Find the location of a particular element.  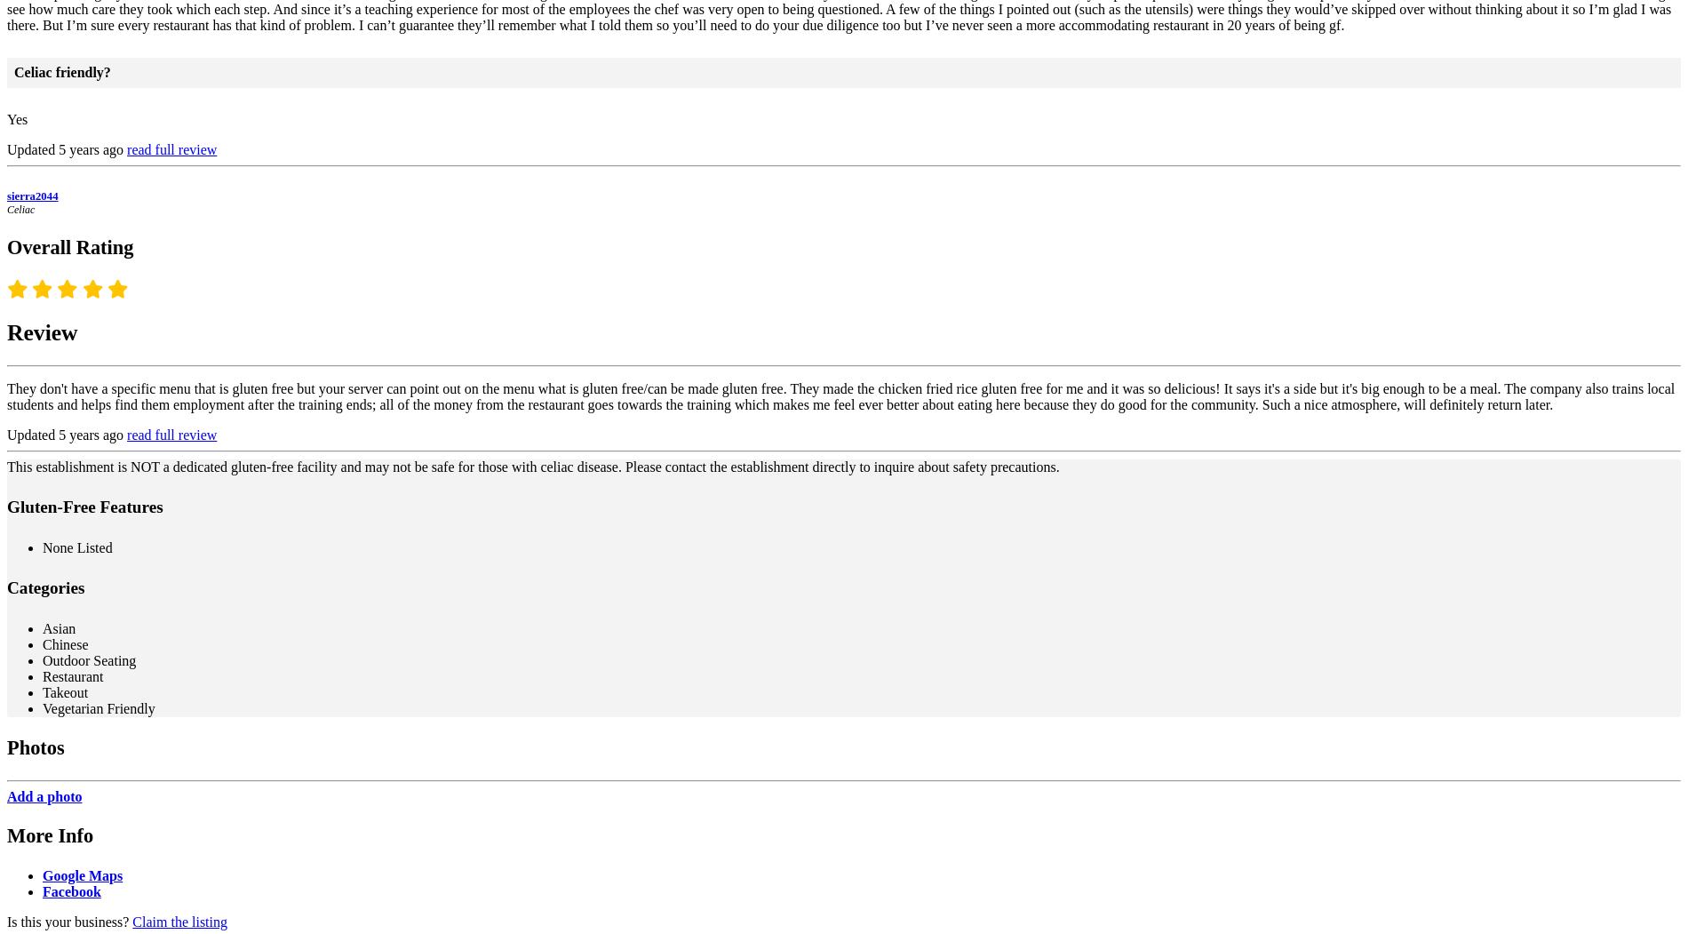

'sierra2044' is located at coordinates (32, 194).